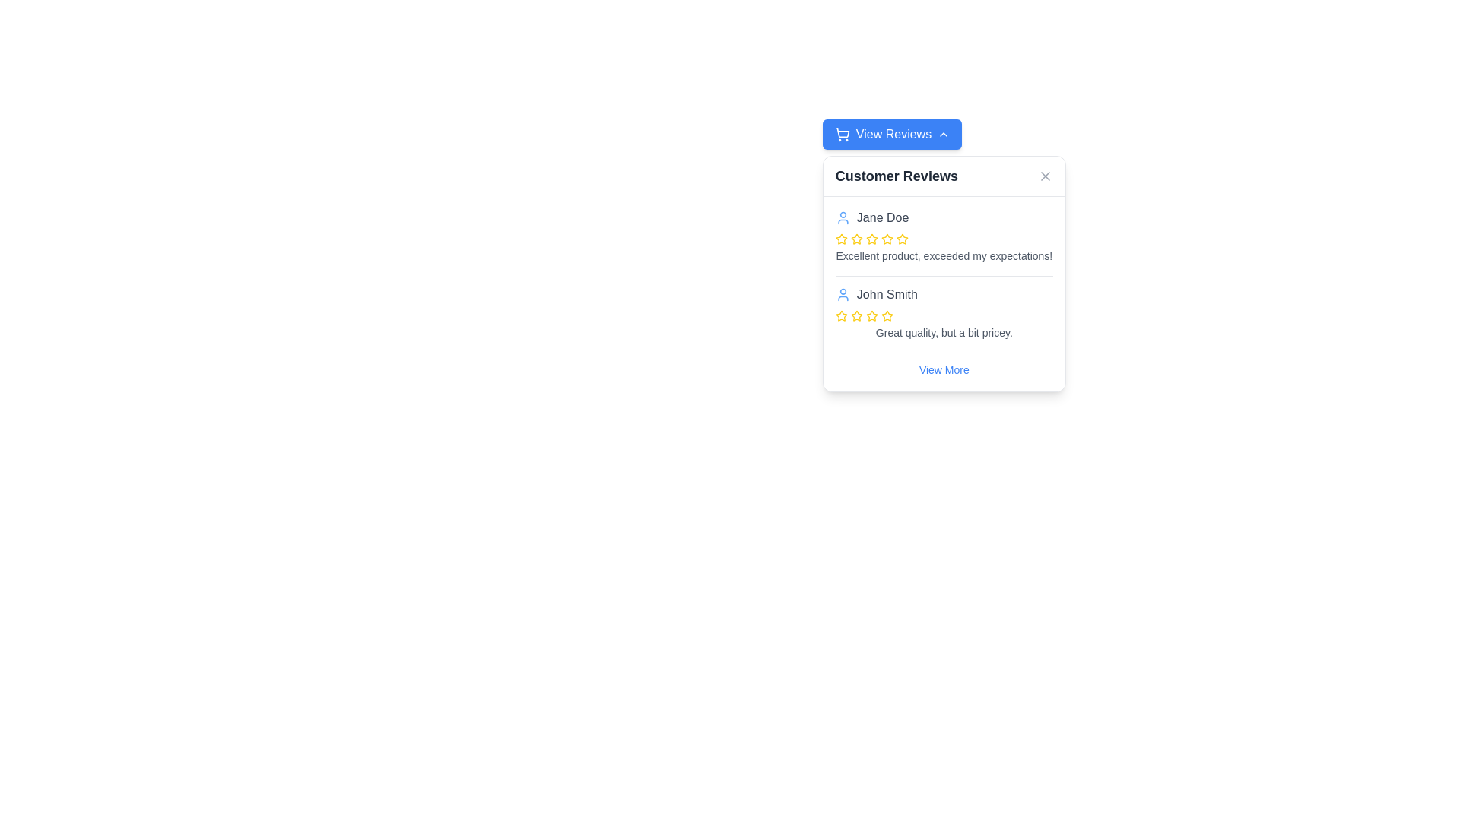 This screenshot has width=1460, height=821. What do you see at coordinates (1044, 175) in the screenshot?
I see `the Icon Button located at the far right of the header section of the 'Customer Reviews' card UI to change its color` at bounding box center [1044, 175].